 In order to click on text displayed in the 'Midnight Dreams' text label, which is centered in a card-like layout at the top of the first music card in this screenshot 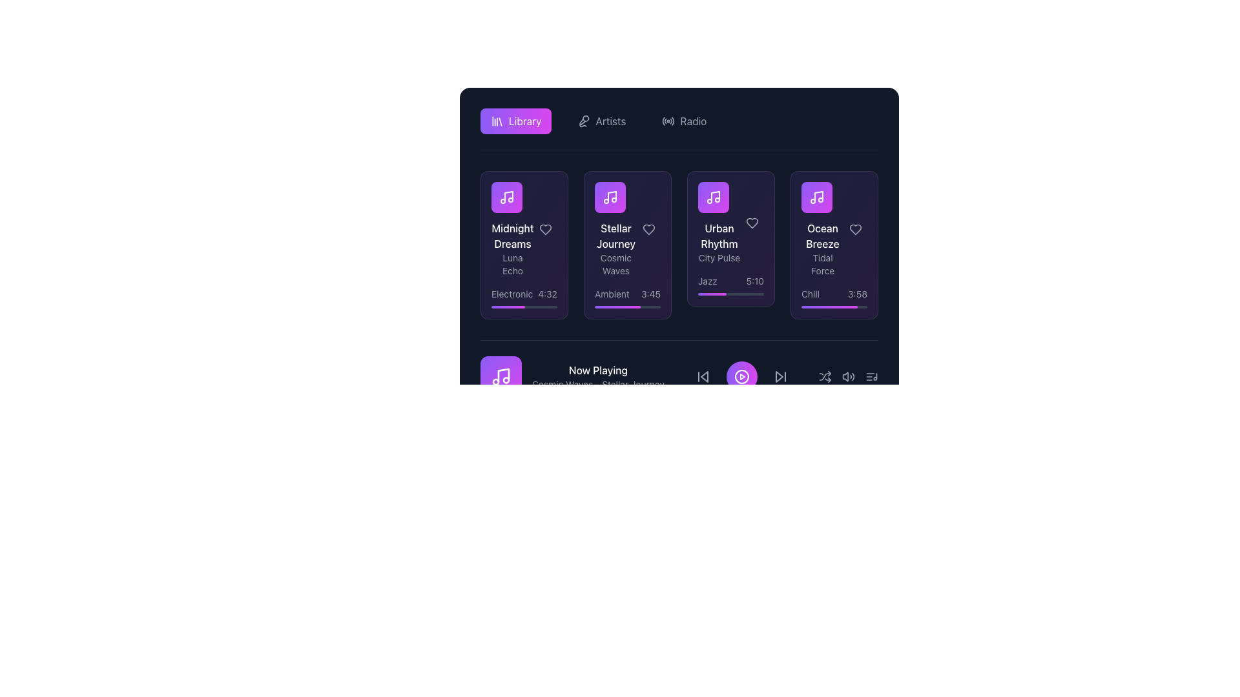, I will do `click(512, 236)`.